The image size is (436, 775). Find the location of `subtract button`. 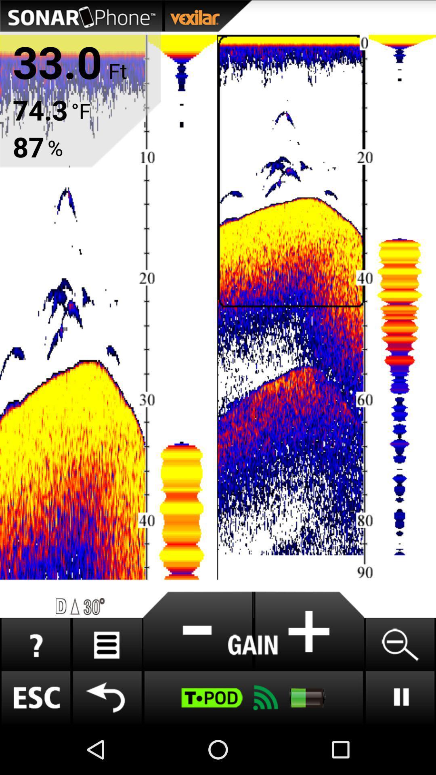

subtract button is located at coordinates (198, 631).